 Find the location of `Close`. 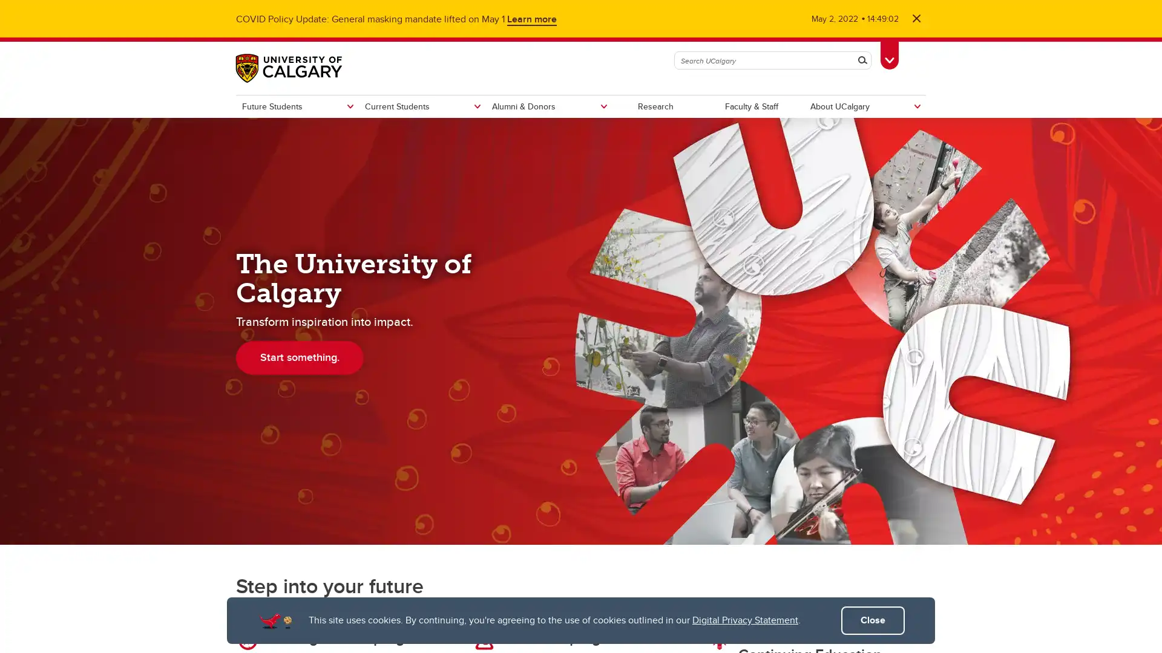

Close is located at coordinates (873, 620).